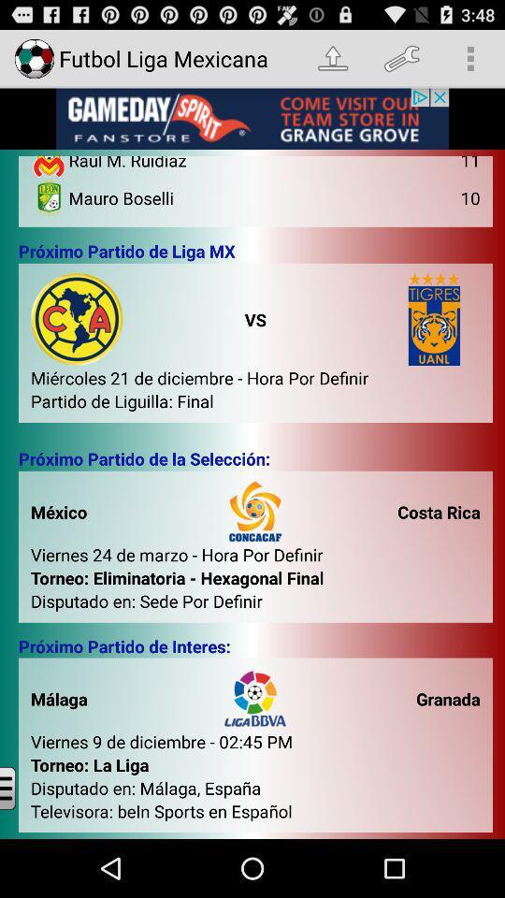 This screenshot has height=898, width=505. I want to click on the logo which is above the text miercoles 21 de diciembre, so click(77, 319).